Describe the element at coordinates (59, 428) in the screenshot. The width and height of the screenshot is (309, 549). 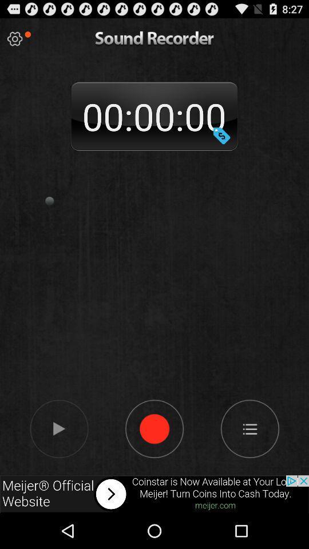
I see `the sound` at that location.